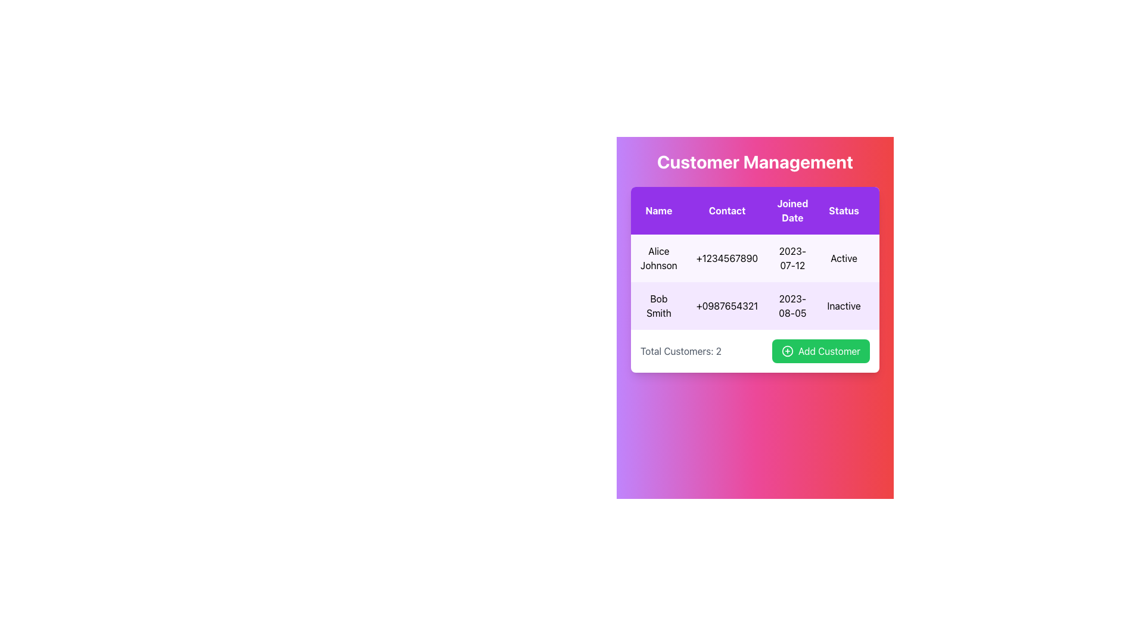 This screenshot has width=1144, height=643. I want to click on the second row in the customer details table, which includes information for 'Bob Smith', so click(793, 305).